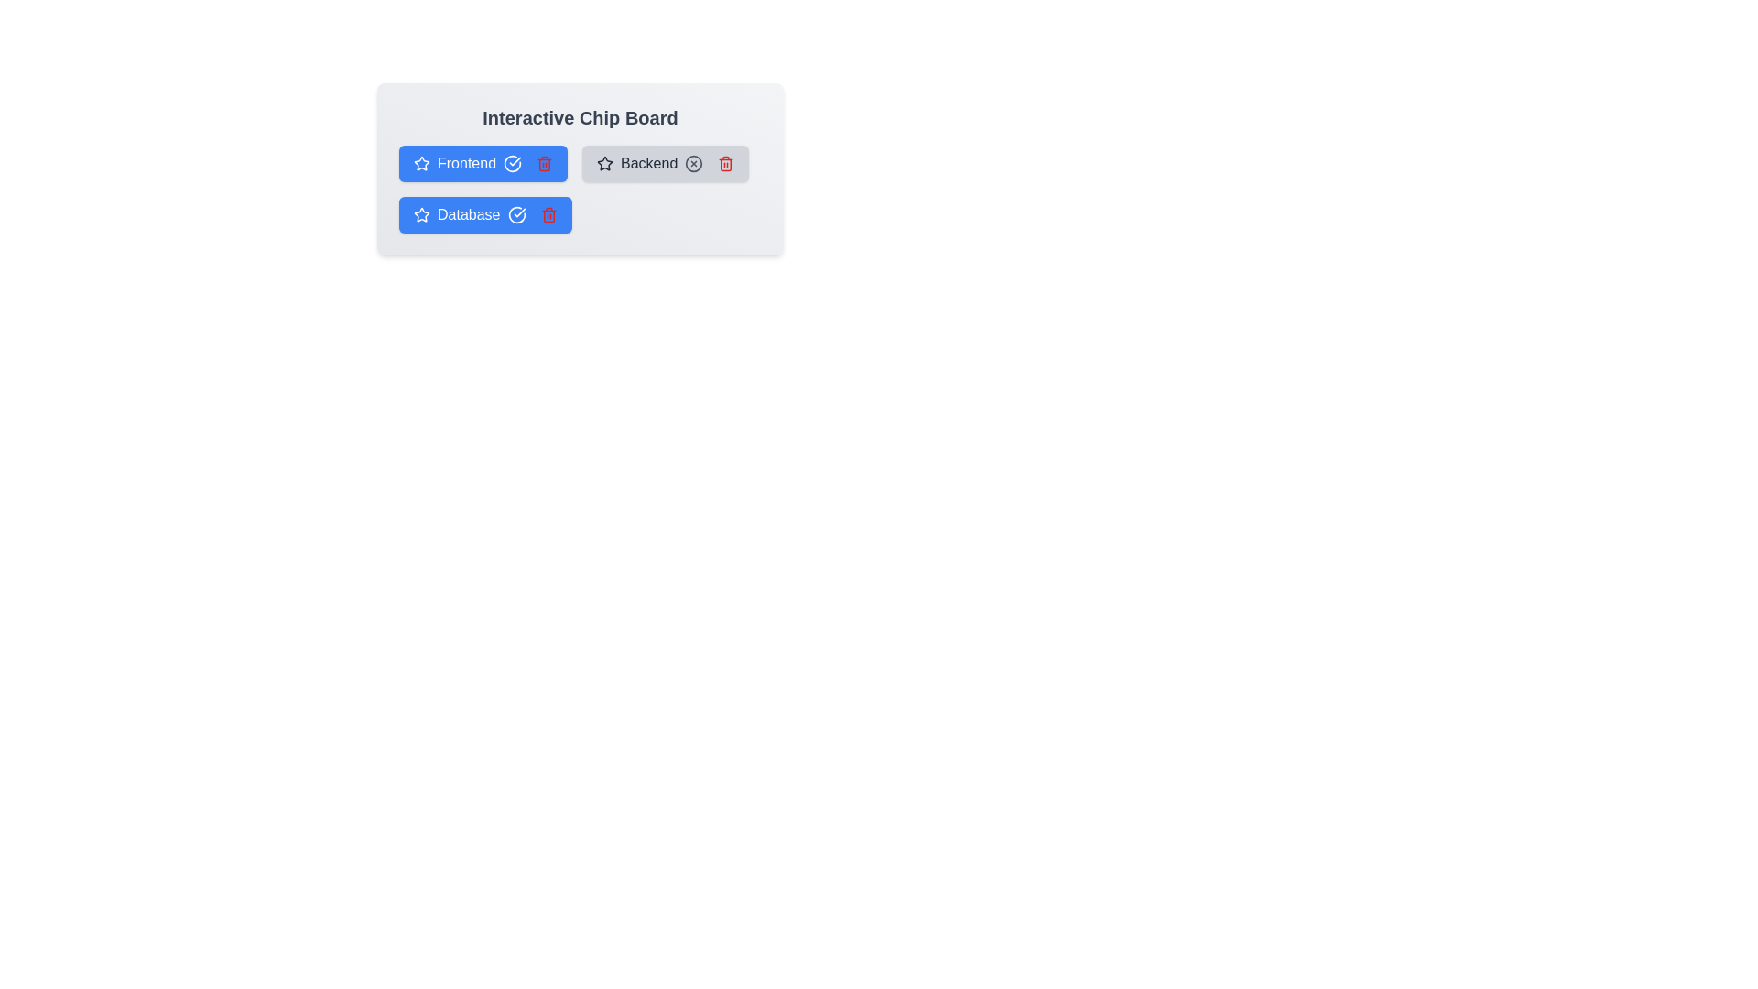 This screenshot has width=1758, height=989. I want to click on the trash icon of the chip labeled Frontend to remove it, so click(544, 162).